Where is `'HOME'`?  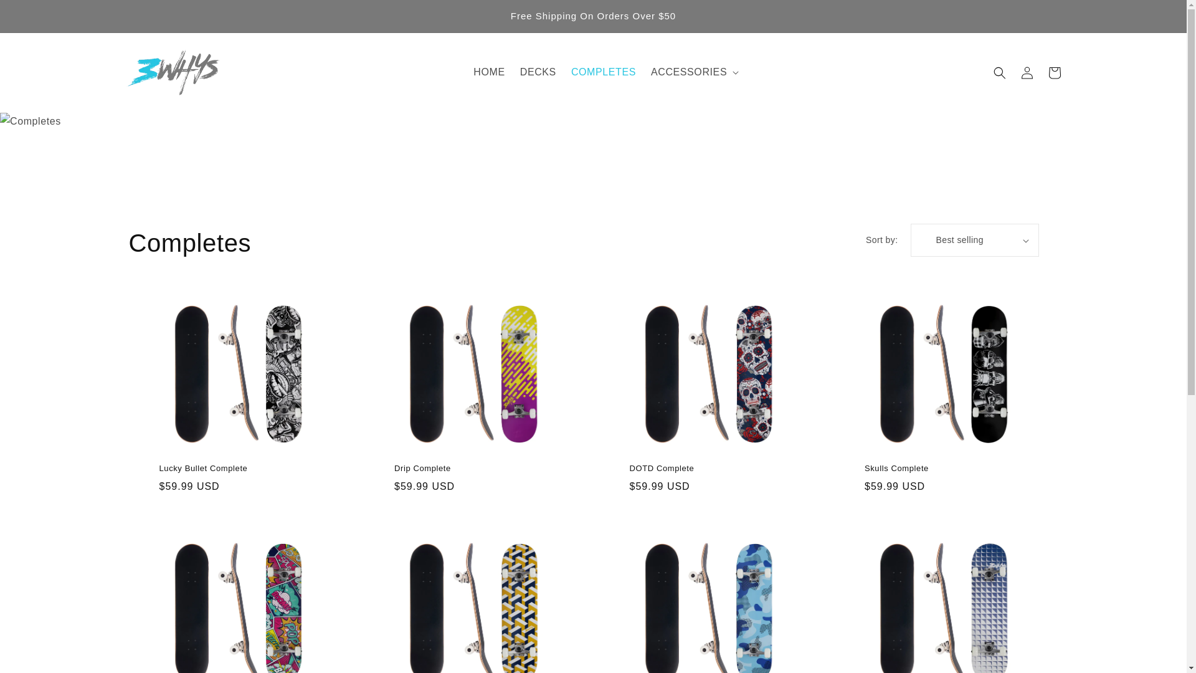 'HOME' is located at coordinates (465, 72).